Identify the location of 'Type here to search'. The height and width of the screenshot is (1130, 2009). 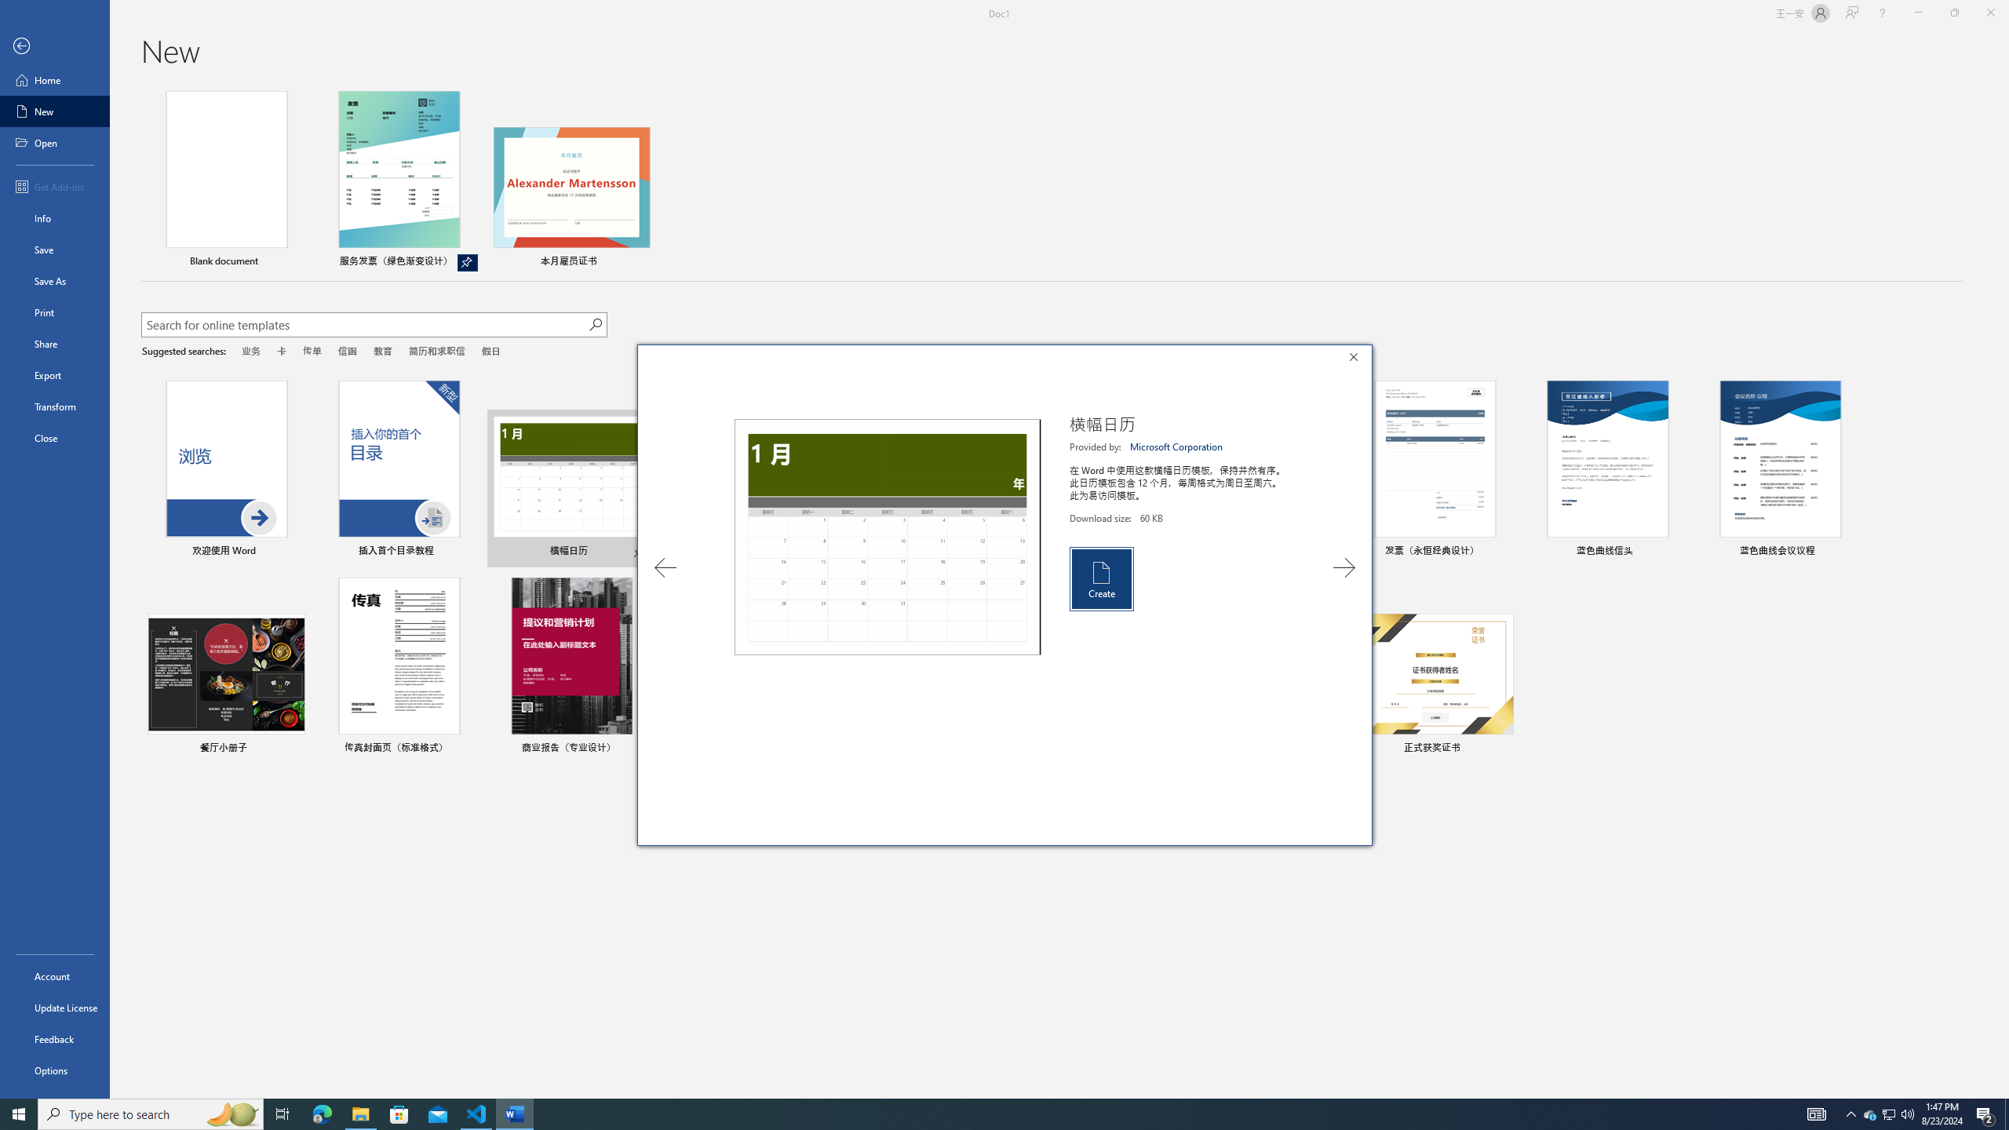
(150, 1113).